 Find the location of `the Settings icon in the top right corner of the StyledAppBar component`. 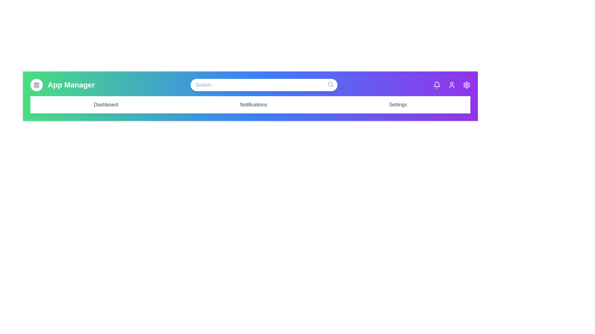

the Settings icon in the top right corner of the StyledAppBar component is located at coordinates (467, 85).